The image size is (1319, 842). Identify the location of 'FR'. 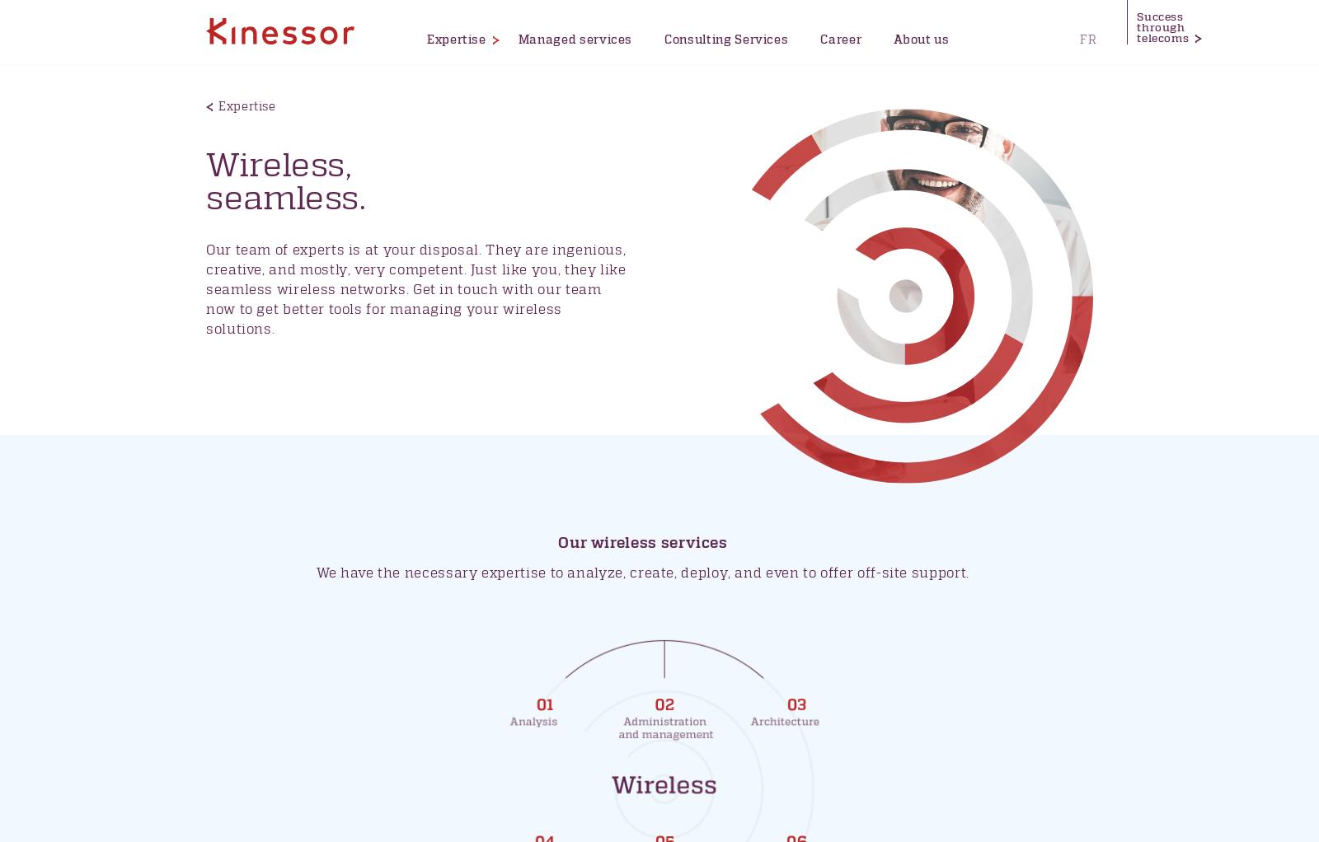
(1087, 40).